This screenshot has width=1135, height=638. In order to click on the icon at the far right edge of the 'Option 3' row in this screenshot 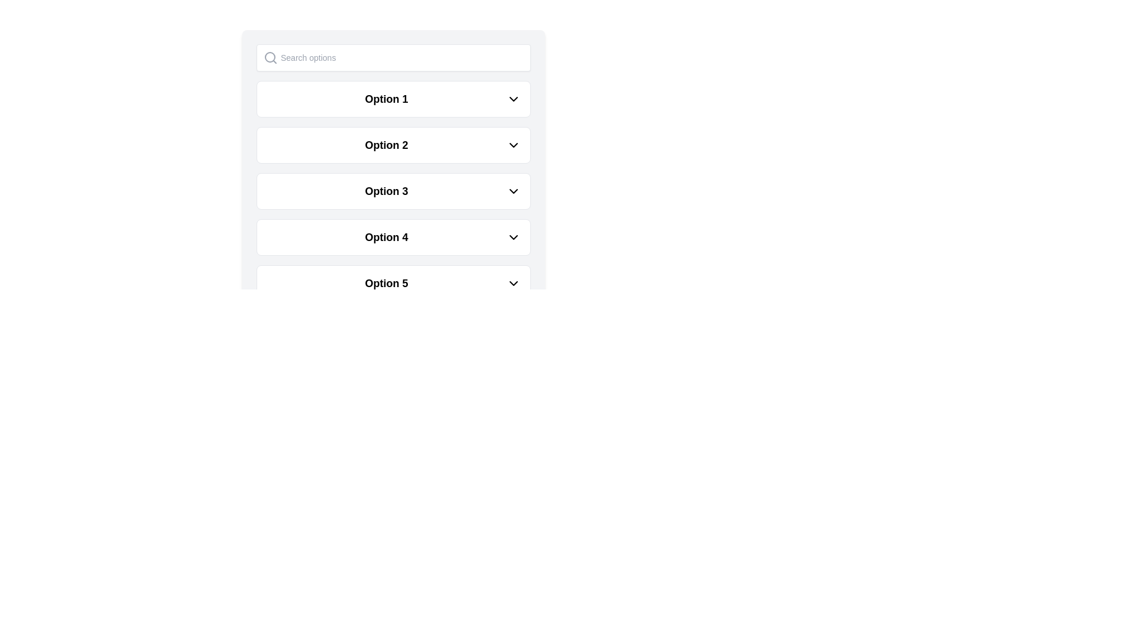, I will do `click(513, 191)`.